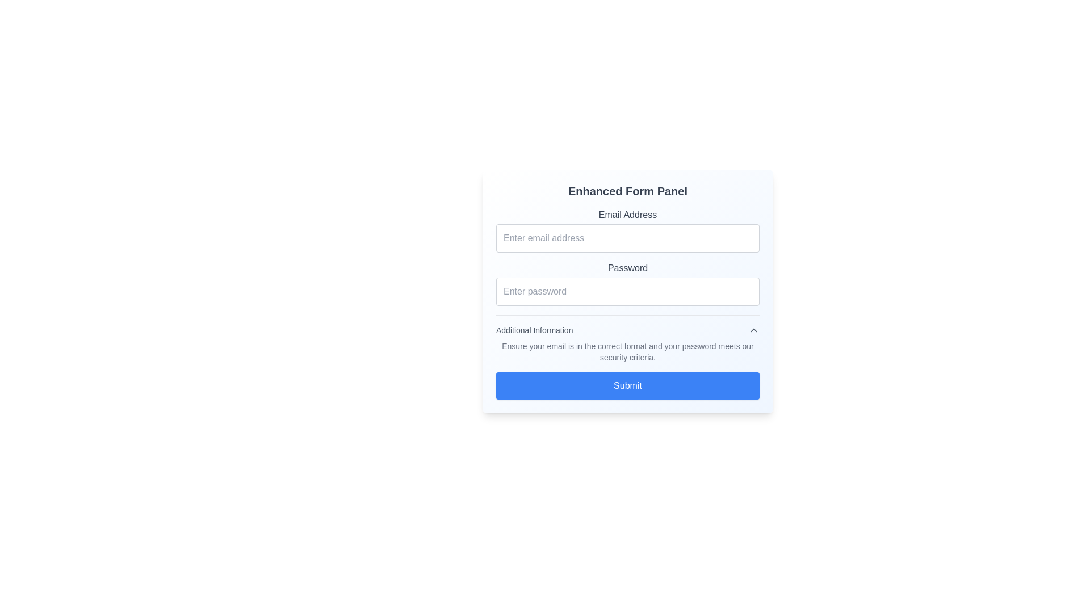  Describe the element at coordinates (627, 338) in the screenshot. I see `textual information from the 'Additional Information' block, which includes a title in medium gray and guidance text in light gray, located below the 'Password' section and above the 'Submit' button` at that location.